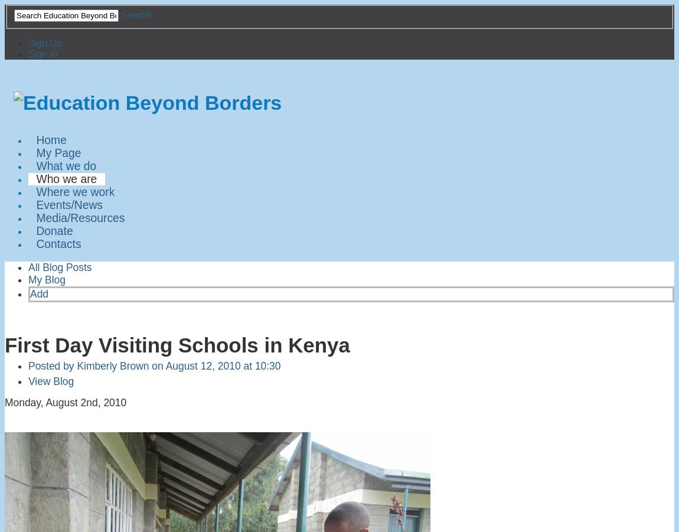 The height and width of the screenshot is (532, 679). What do you see at coordinates (214, 364) in the screenshot?
I see `'on August 12, 2010 at 10:30'` at bounding box center [214, 364].